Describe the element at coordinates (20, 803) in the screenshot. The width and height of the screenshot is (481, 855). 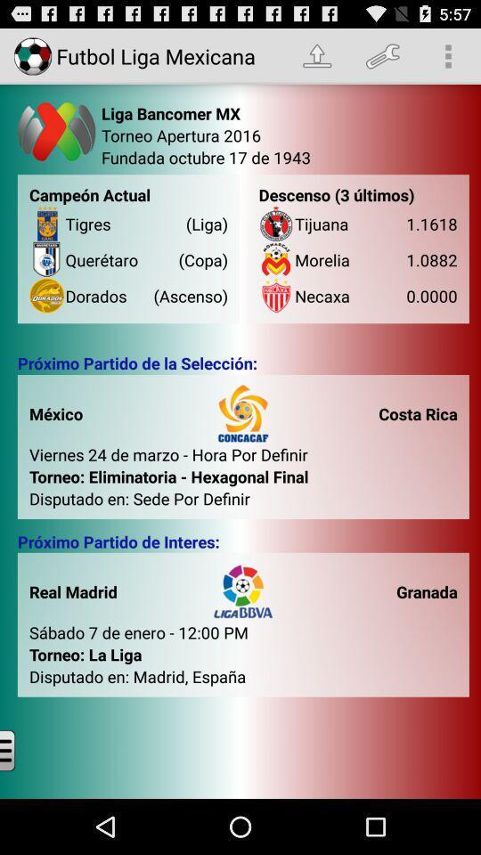
I see `the menu icon` at that location.